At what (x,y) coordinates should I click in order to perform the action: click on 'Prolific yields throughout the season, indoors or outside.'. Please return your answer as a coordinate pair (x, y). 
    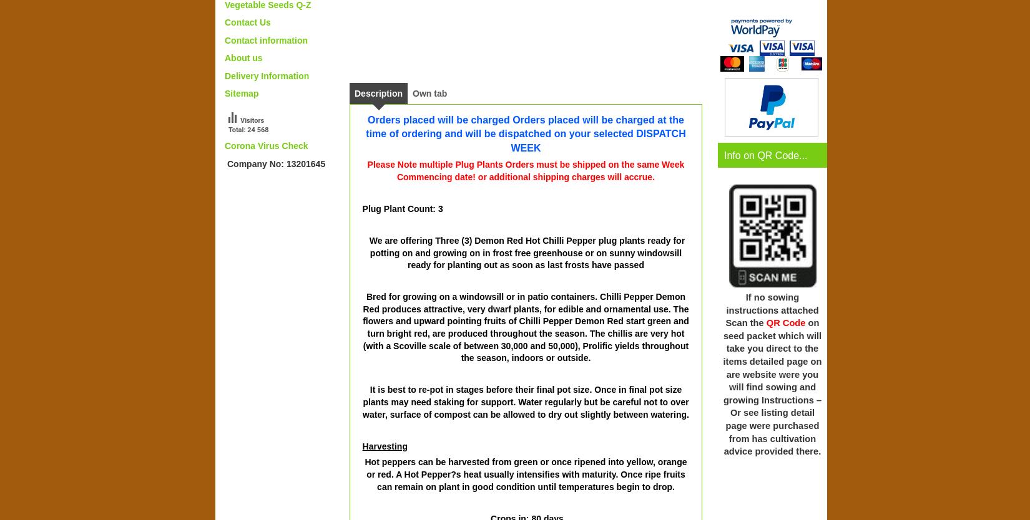
    Looking at the image, I should click on (574, 352).